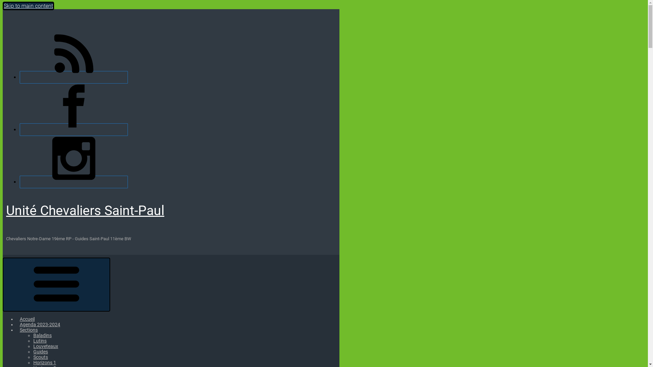 The width and height of the screenshot is (653, 367). I want to click on 'Sections', so click(28, 330).